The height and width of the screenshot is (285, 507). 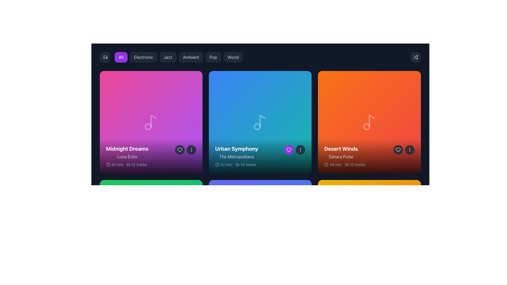 What do you see at coordinates (180, 150) in the screenshot?
I see `the circular button with a dark gray background and white heart icon, located at the bottom-right of the 'Midnight Dreams' card` at bounding box center [180, 150].